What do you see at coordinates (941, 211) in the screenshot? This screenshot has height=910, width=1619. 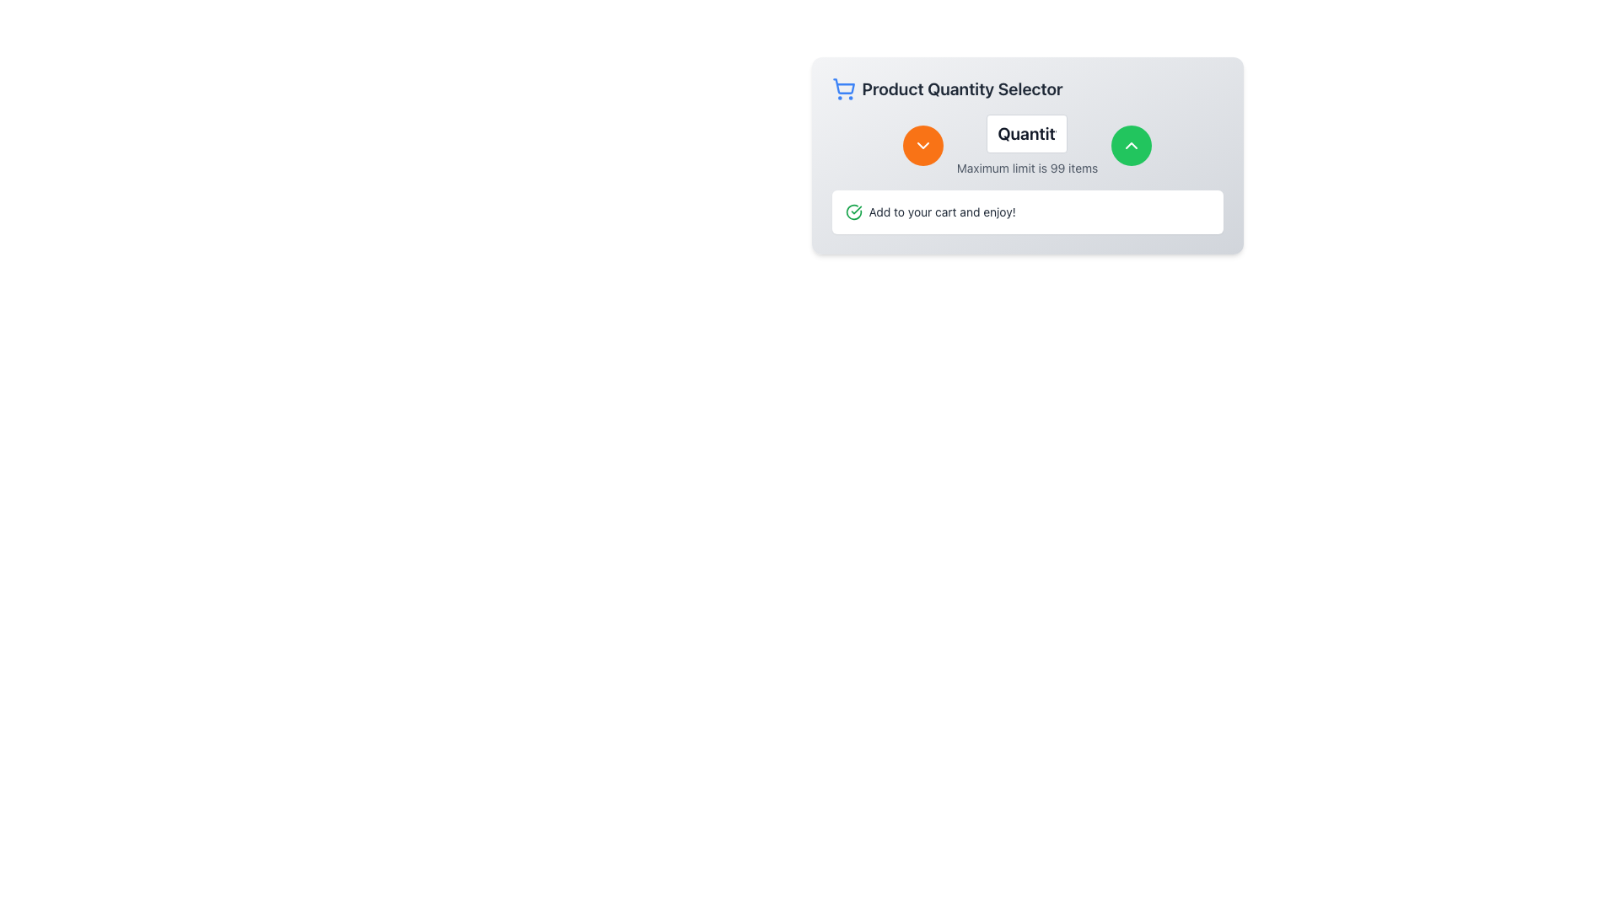 I see `informational message displayed in the text label located to the right of the green circular checkmark icon` at bounding box center [941, 211].